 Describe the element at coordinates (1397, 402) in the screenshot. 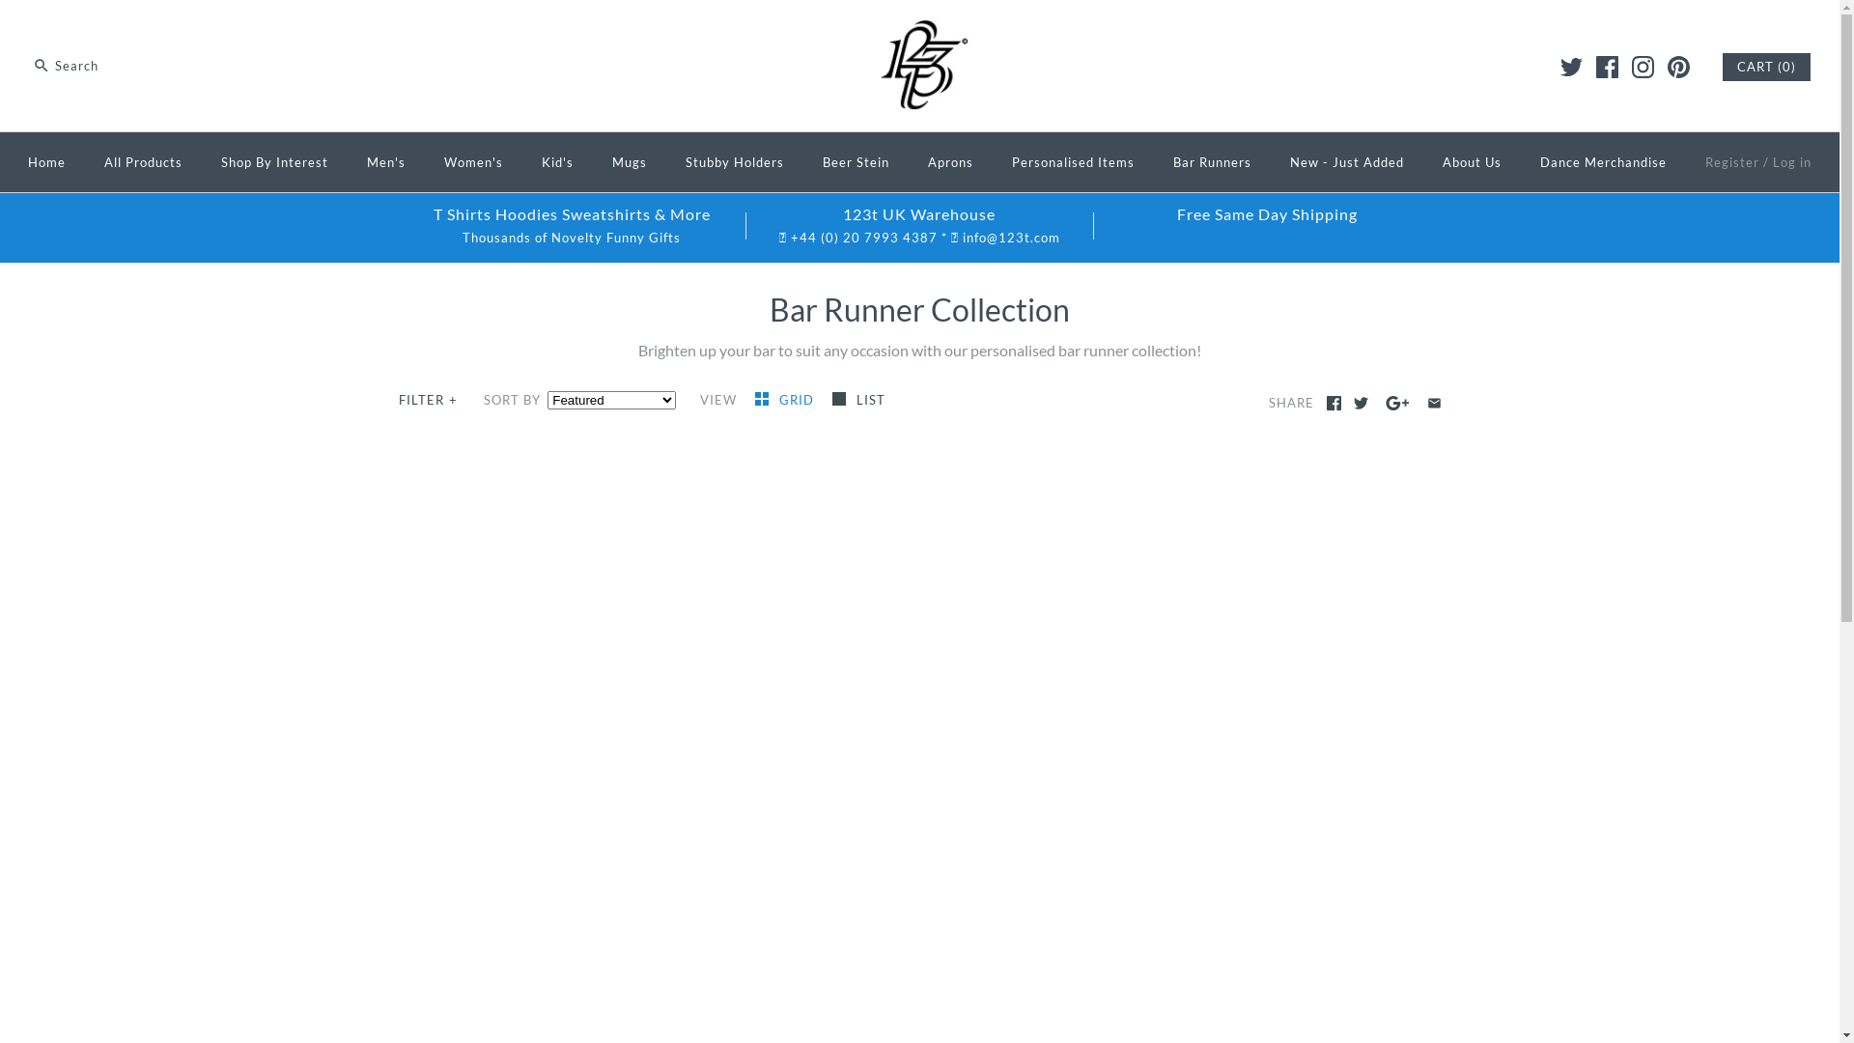

I see `'GooglePlus'` at that location.